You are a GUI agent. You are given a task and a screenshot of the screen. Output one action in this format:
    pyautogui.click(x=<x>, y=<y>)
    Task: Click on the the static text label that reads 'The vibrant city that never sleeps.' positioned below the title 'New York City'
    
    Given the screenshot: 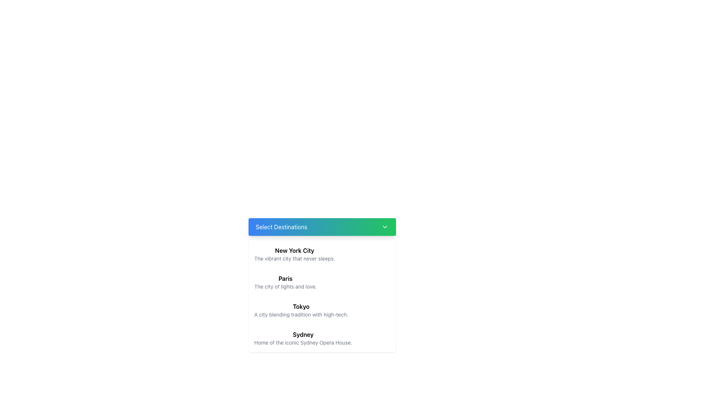 What is the action you would take?
    pyautogui.click(x=294, y=258)
    